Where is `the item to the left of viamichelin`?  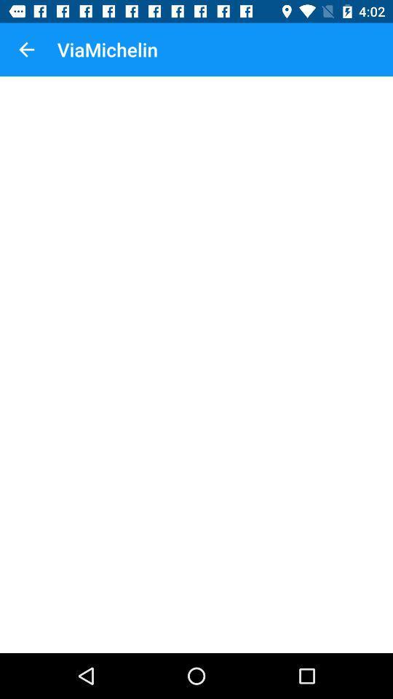 the item to the left of viamichelin is located at coordinates (26, 50).